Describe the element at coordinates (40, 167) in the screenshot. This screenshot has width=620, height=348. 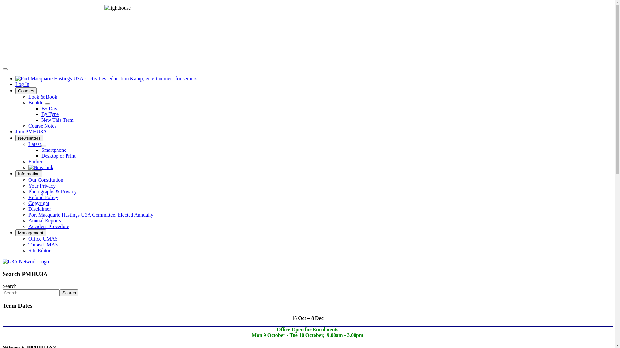
I see `'The newsletter of the NSW U3A'` at that location.